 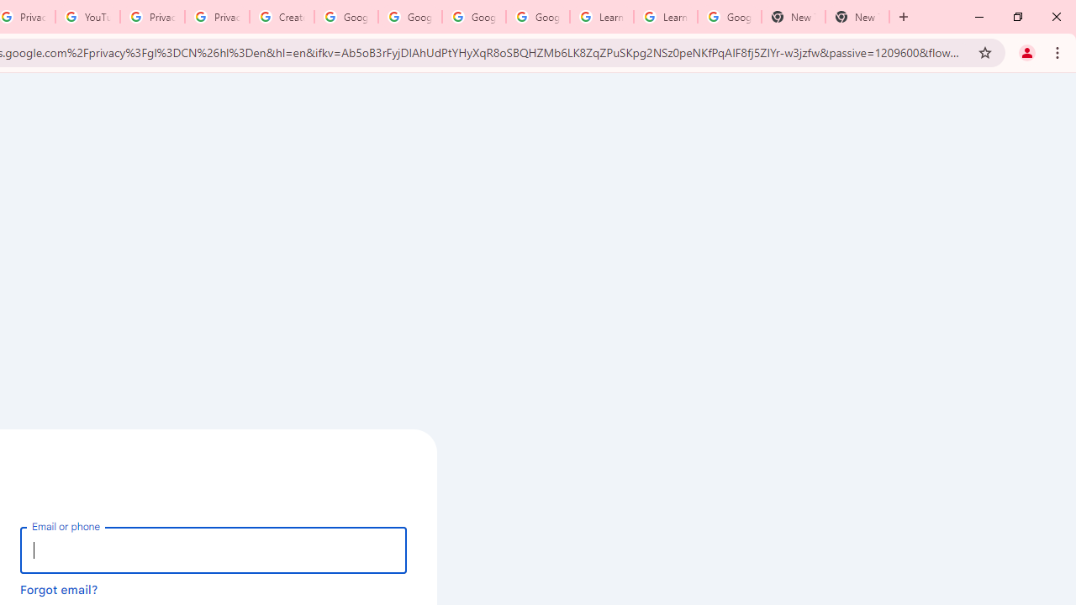 I want to click on 'Google Account Help', so click(x=345, y=17).